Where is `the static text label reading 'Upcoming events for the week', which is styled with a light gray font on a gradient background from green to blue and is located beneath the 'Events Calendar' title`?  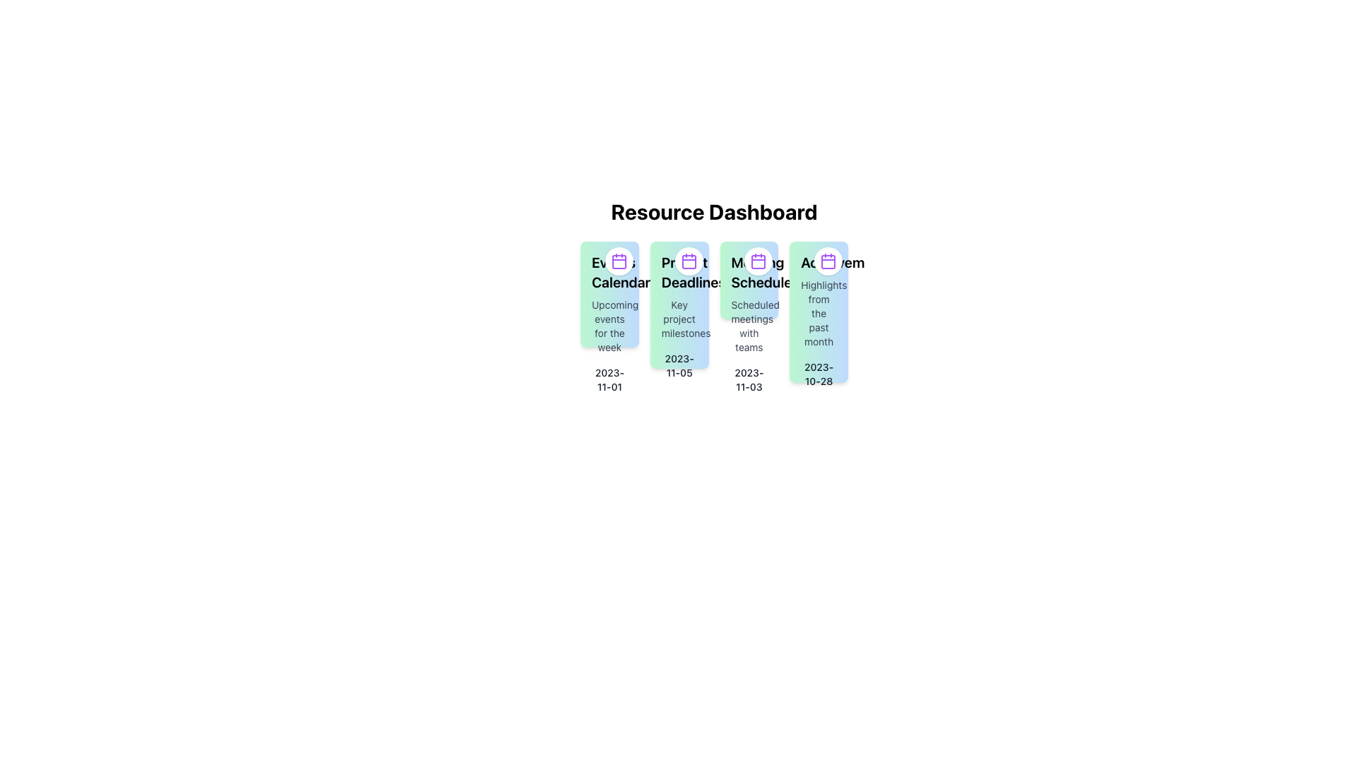 the static text label reading 'Upcoming events for the week', which is styled with a light gray font on a gradient background from green to blue and is located beneath the 'Events Calendar' title is located at coordinates (609, 326).